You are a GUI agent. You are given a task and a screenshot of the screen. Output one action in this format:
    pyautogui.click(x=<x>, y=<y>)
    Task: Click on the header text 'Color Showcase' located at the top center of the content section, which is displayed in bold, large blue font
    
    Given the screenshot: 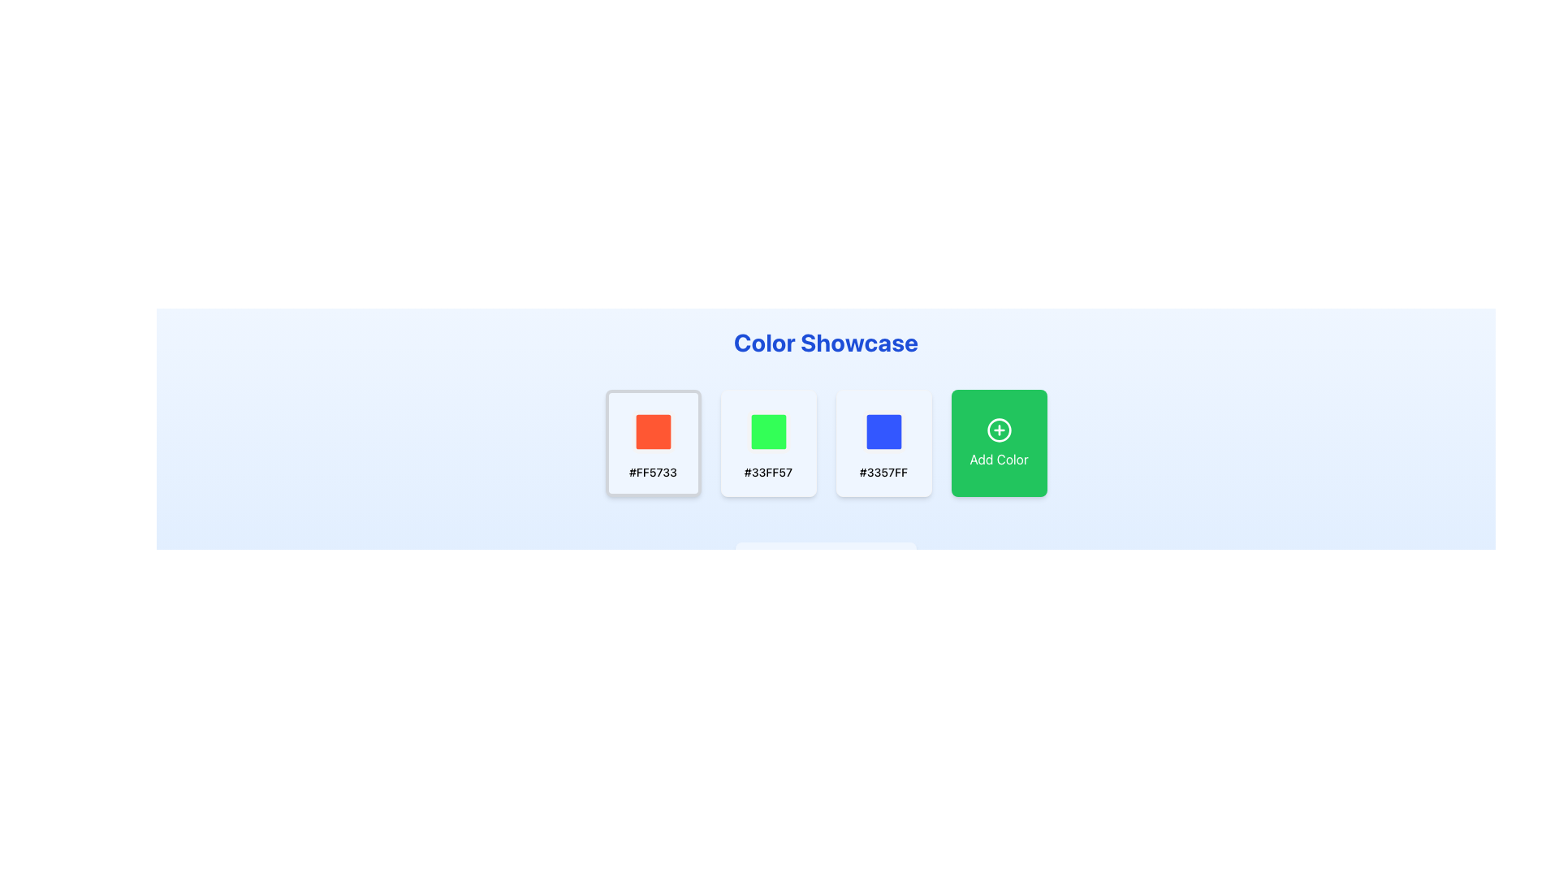 What is the action you would take?
    pyautogui.click(x=826, y=341)
    